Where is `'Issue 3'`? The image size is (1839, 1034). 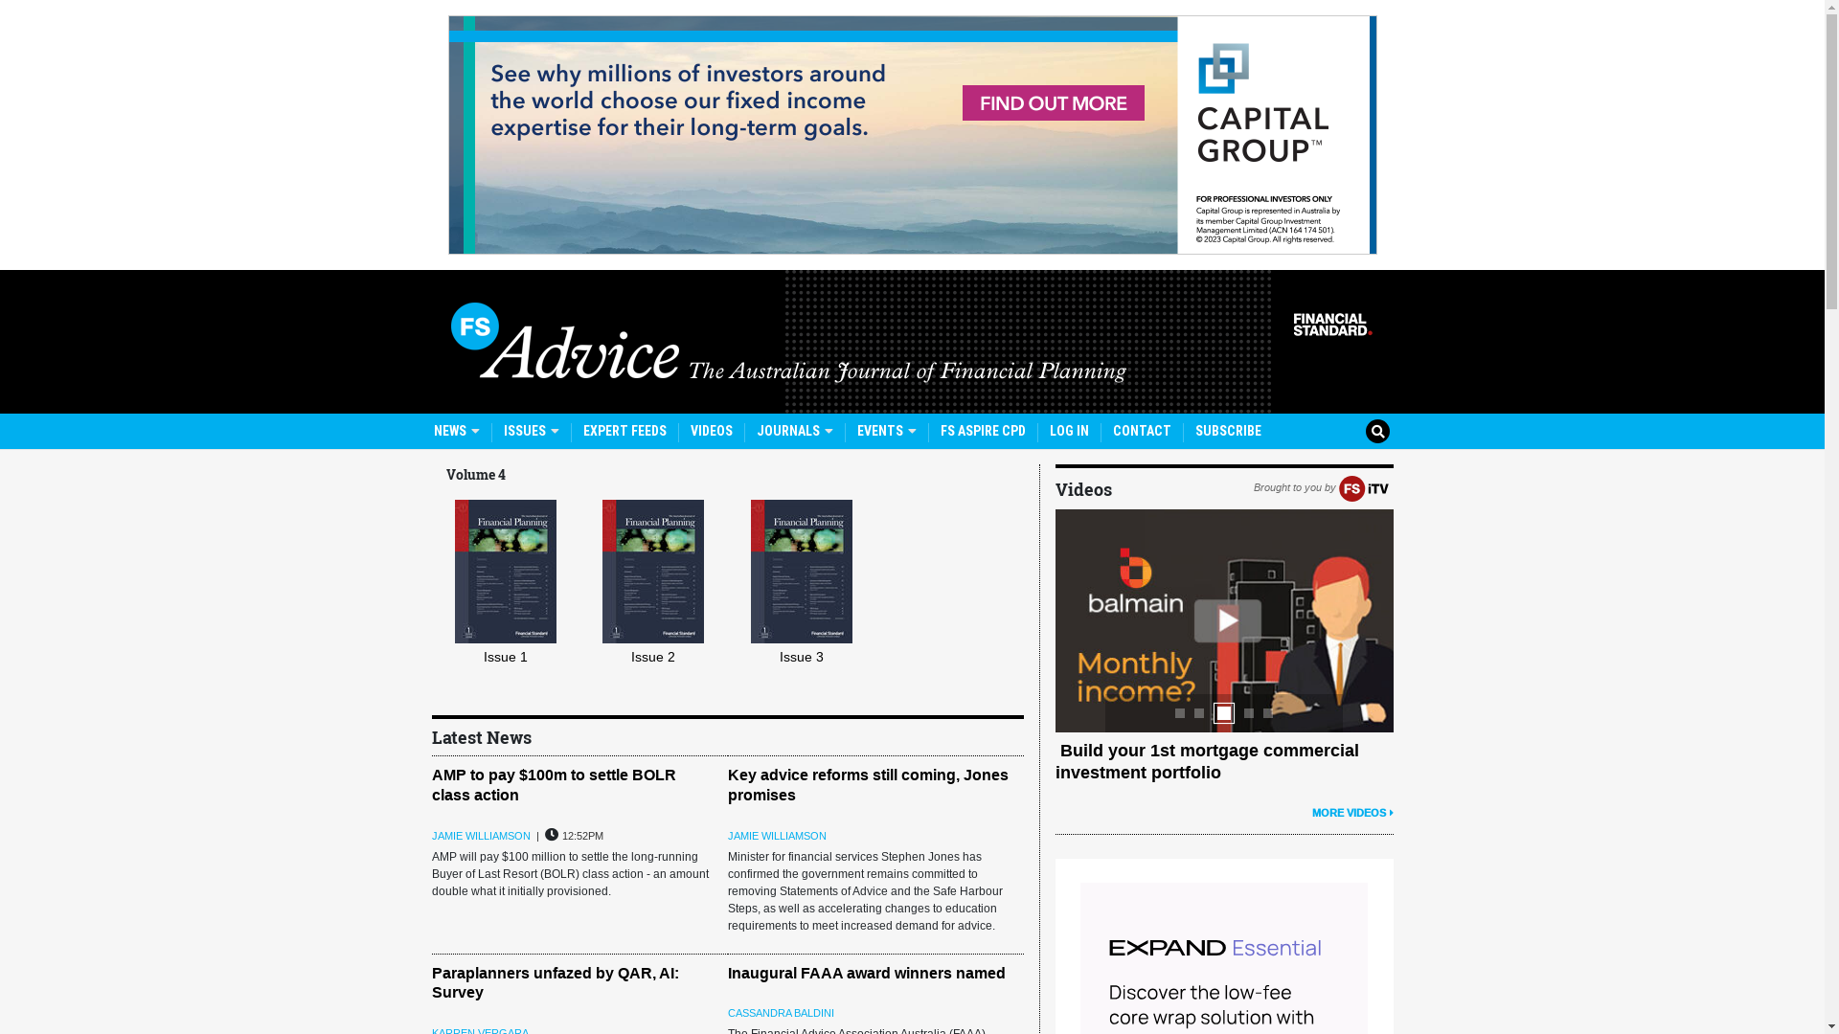 'Issue 3' is located at coordinates (810, 613).